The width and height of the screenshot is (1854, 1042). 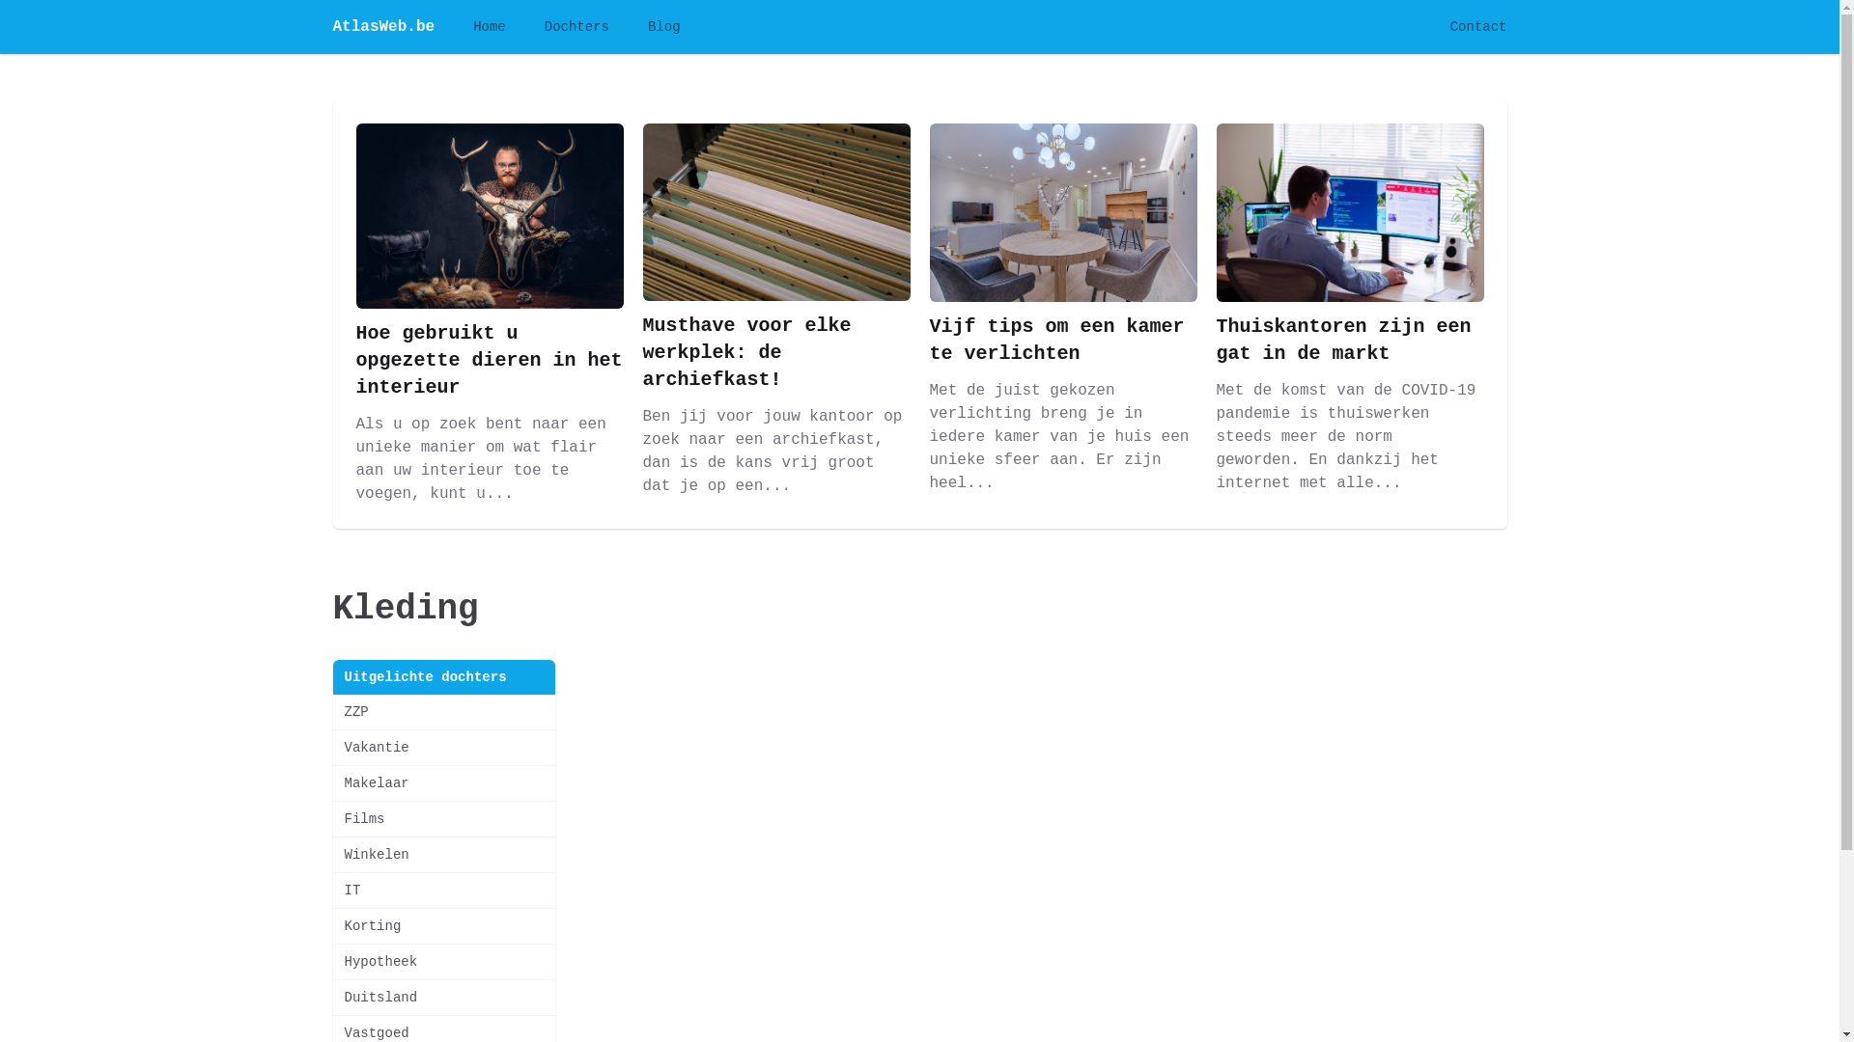 I want to click on 'Contact', so click(x=1450, y=26).